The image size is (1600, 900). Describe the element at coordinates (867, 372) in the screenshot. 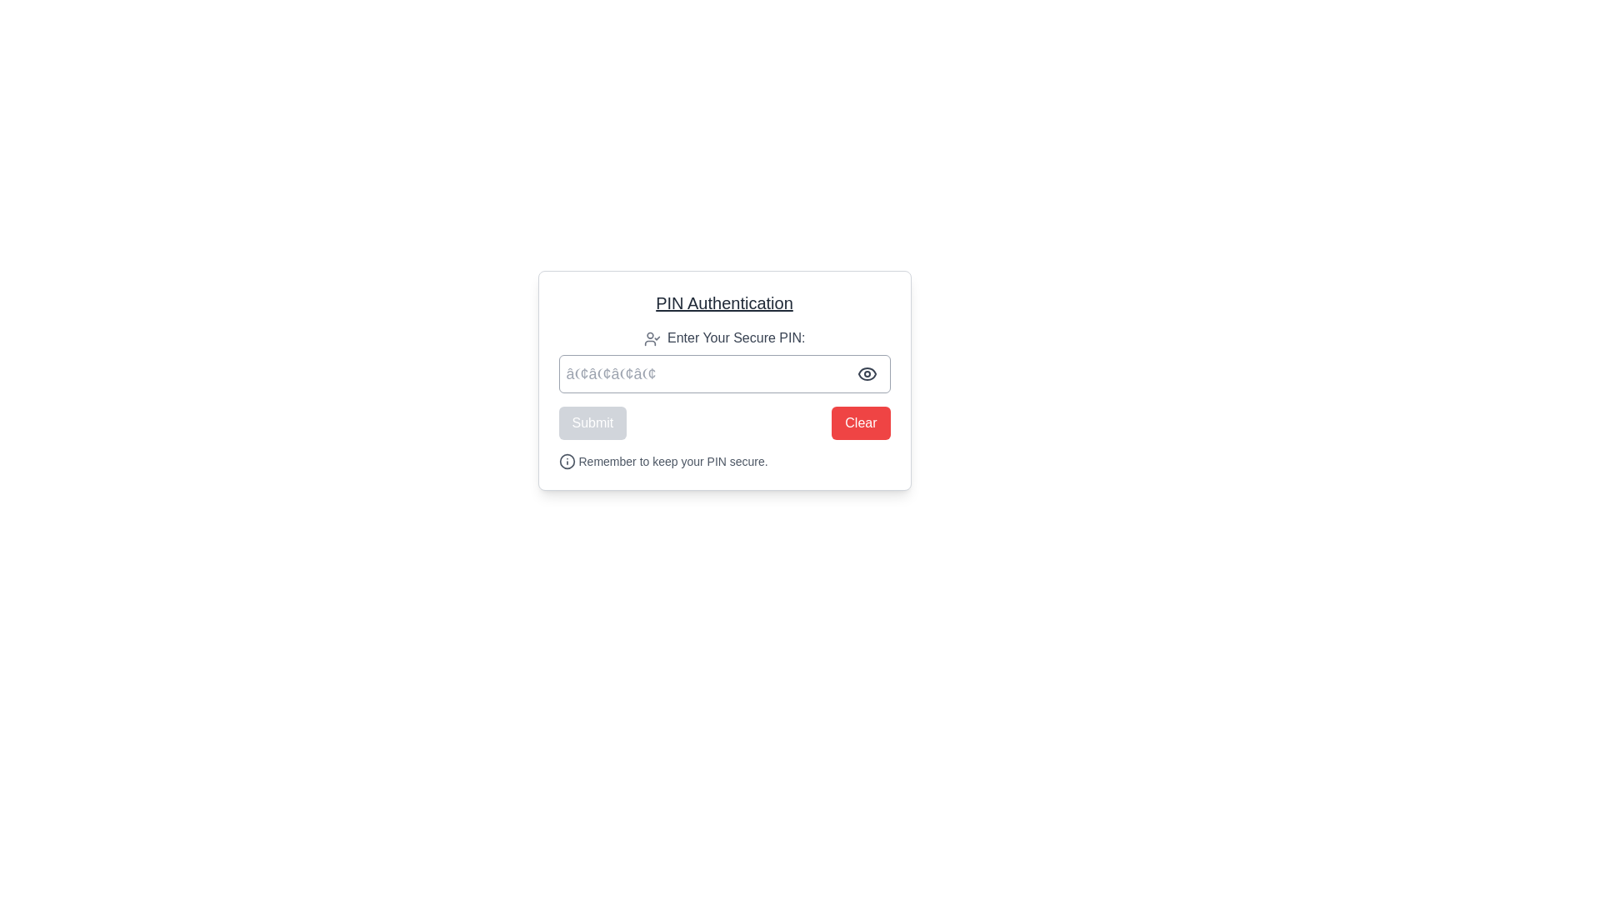

I see `the graphical eye icon` at that location.